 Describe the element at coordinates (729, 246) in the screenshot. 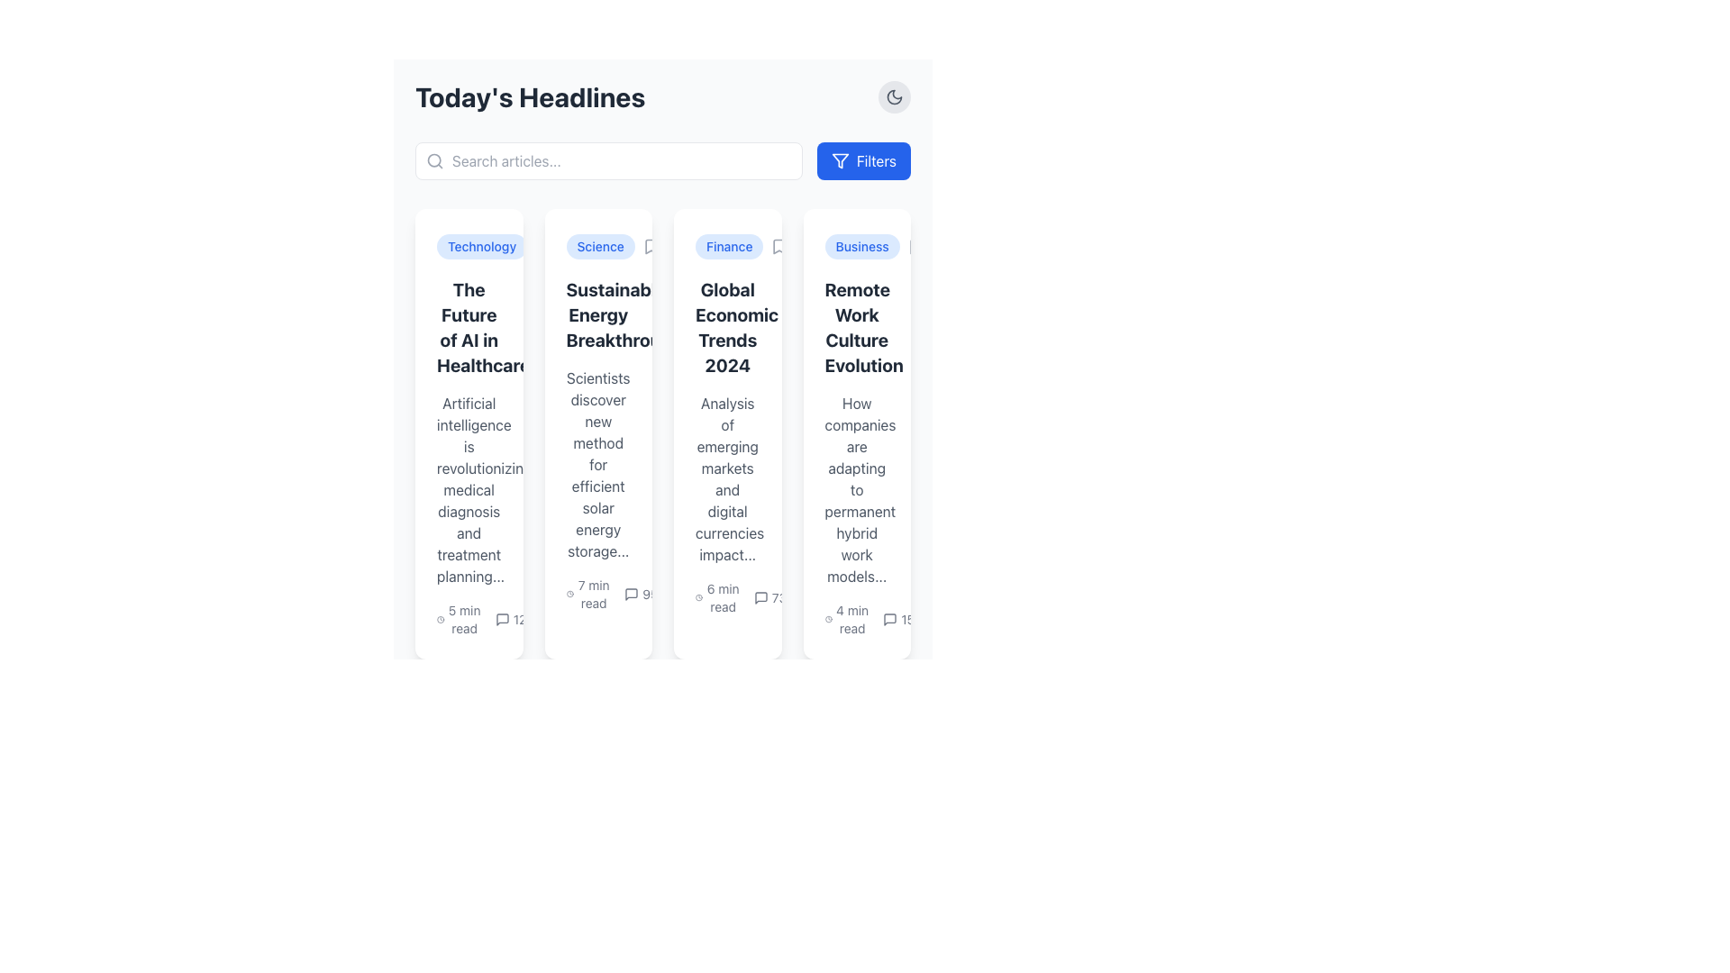

I see `the 'Finance' label element, which is styled with a rounded background color and blue text, positioned above a title text and to the left of an interactive button` at that location.